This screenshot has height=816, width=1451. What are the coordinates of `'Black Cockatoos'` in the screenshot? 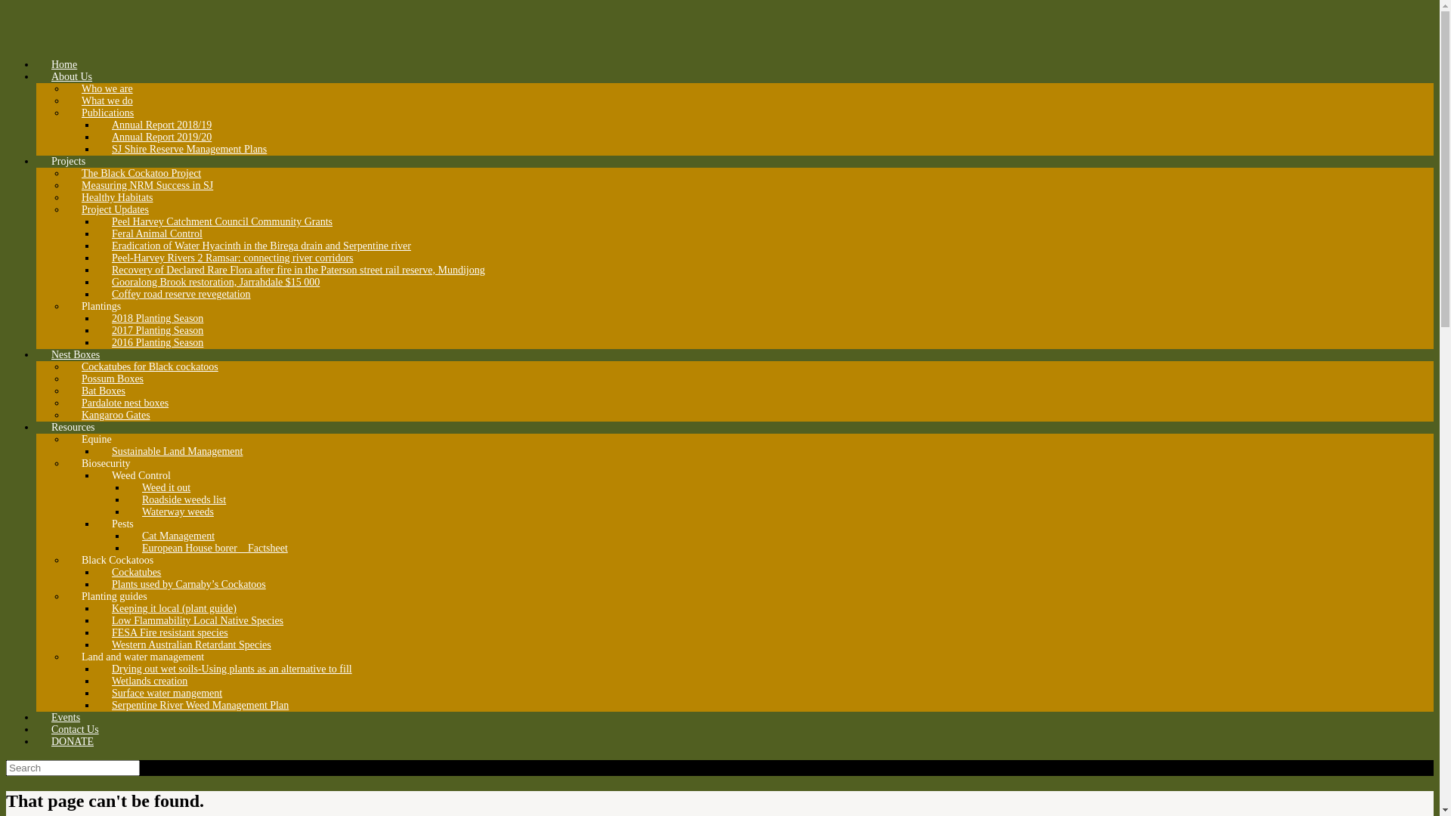 It's located at (65, 560).